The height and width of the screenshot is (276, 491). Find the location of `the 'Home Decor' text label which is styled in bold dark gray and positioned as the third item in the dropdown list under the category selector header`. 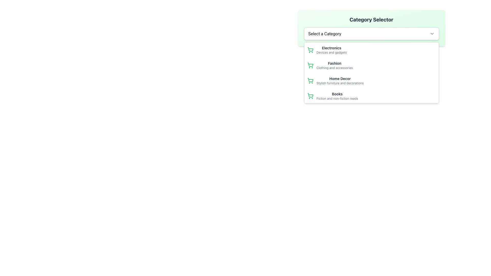

the 'Home Decor' text label which is styled in bold dark gray and positioned as the third item in the dropdown list under the category selector header is located at coordinates (340, 79).